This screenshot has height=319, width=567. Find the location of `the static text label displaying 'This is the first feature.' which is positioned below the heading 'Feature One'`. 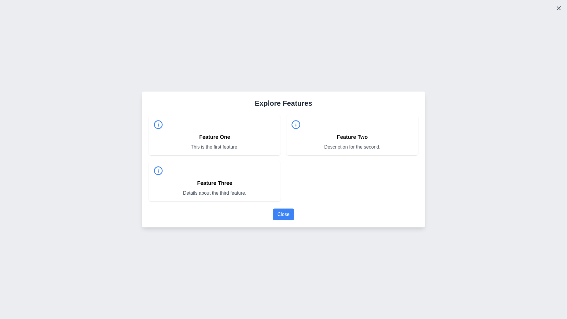

the static text label displaying 'This is the first feature.' which is positioned below the heading 'Feature One' is located at coordinates (214, 147).